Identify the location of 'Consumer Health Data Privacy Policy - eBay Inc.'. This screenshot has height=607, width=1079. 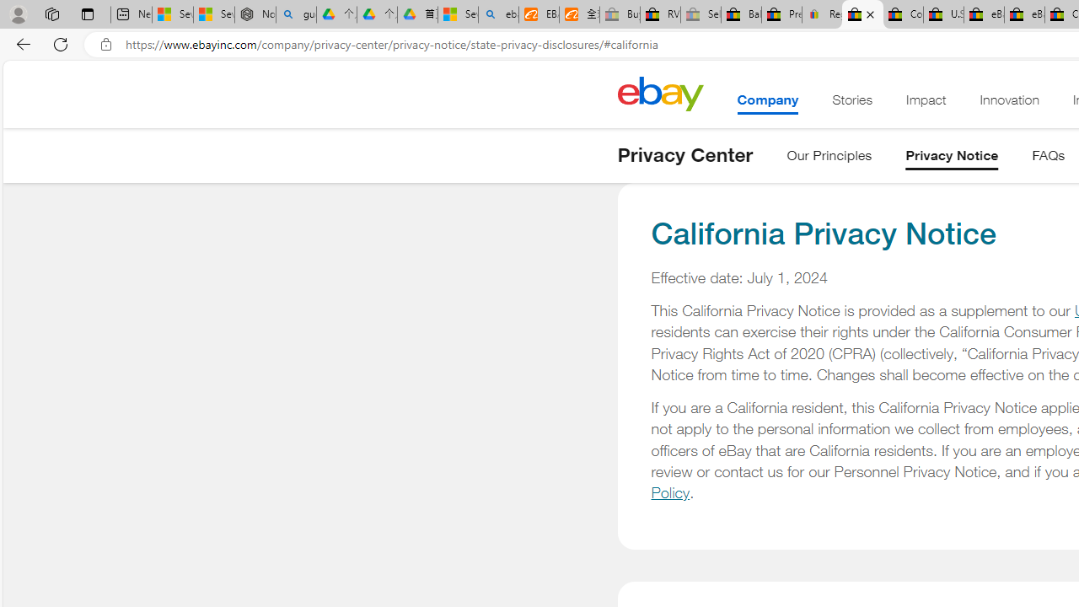
(902, 14).